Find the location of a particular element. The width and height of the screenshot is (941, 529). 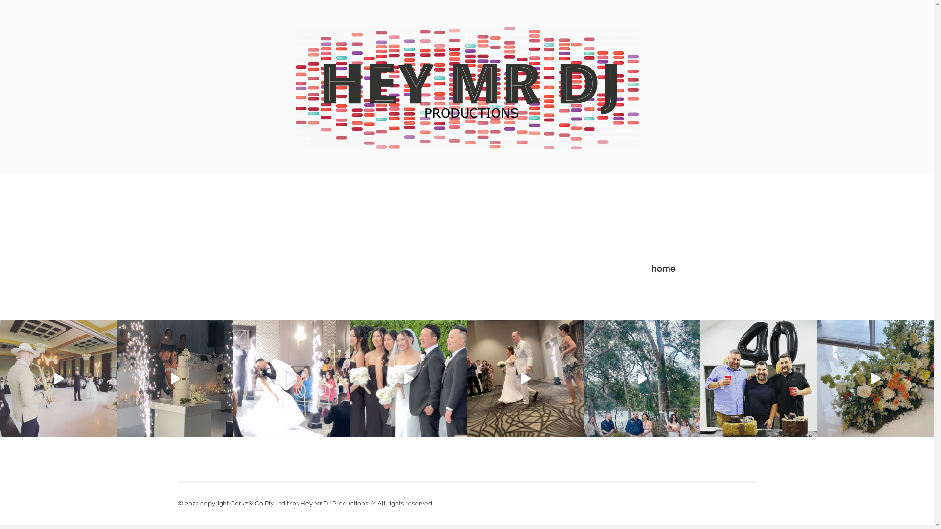

'home' is located at coordinates (651, 268).